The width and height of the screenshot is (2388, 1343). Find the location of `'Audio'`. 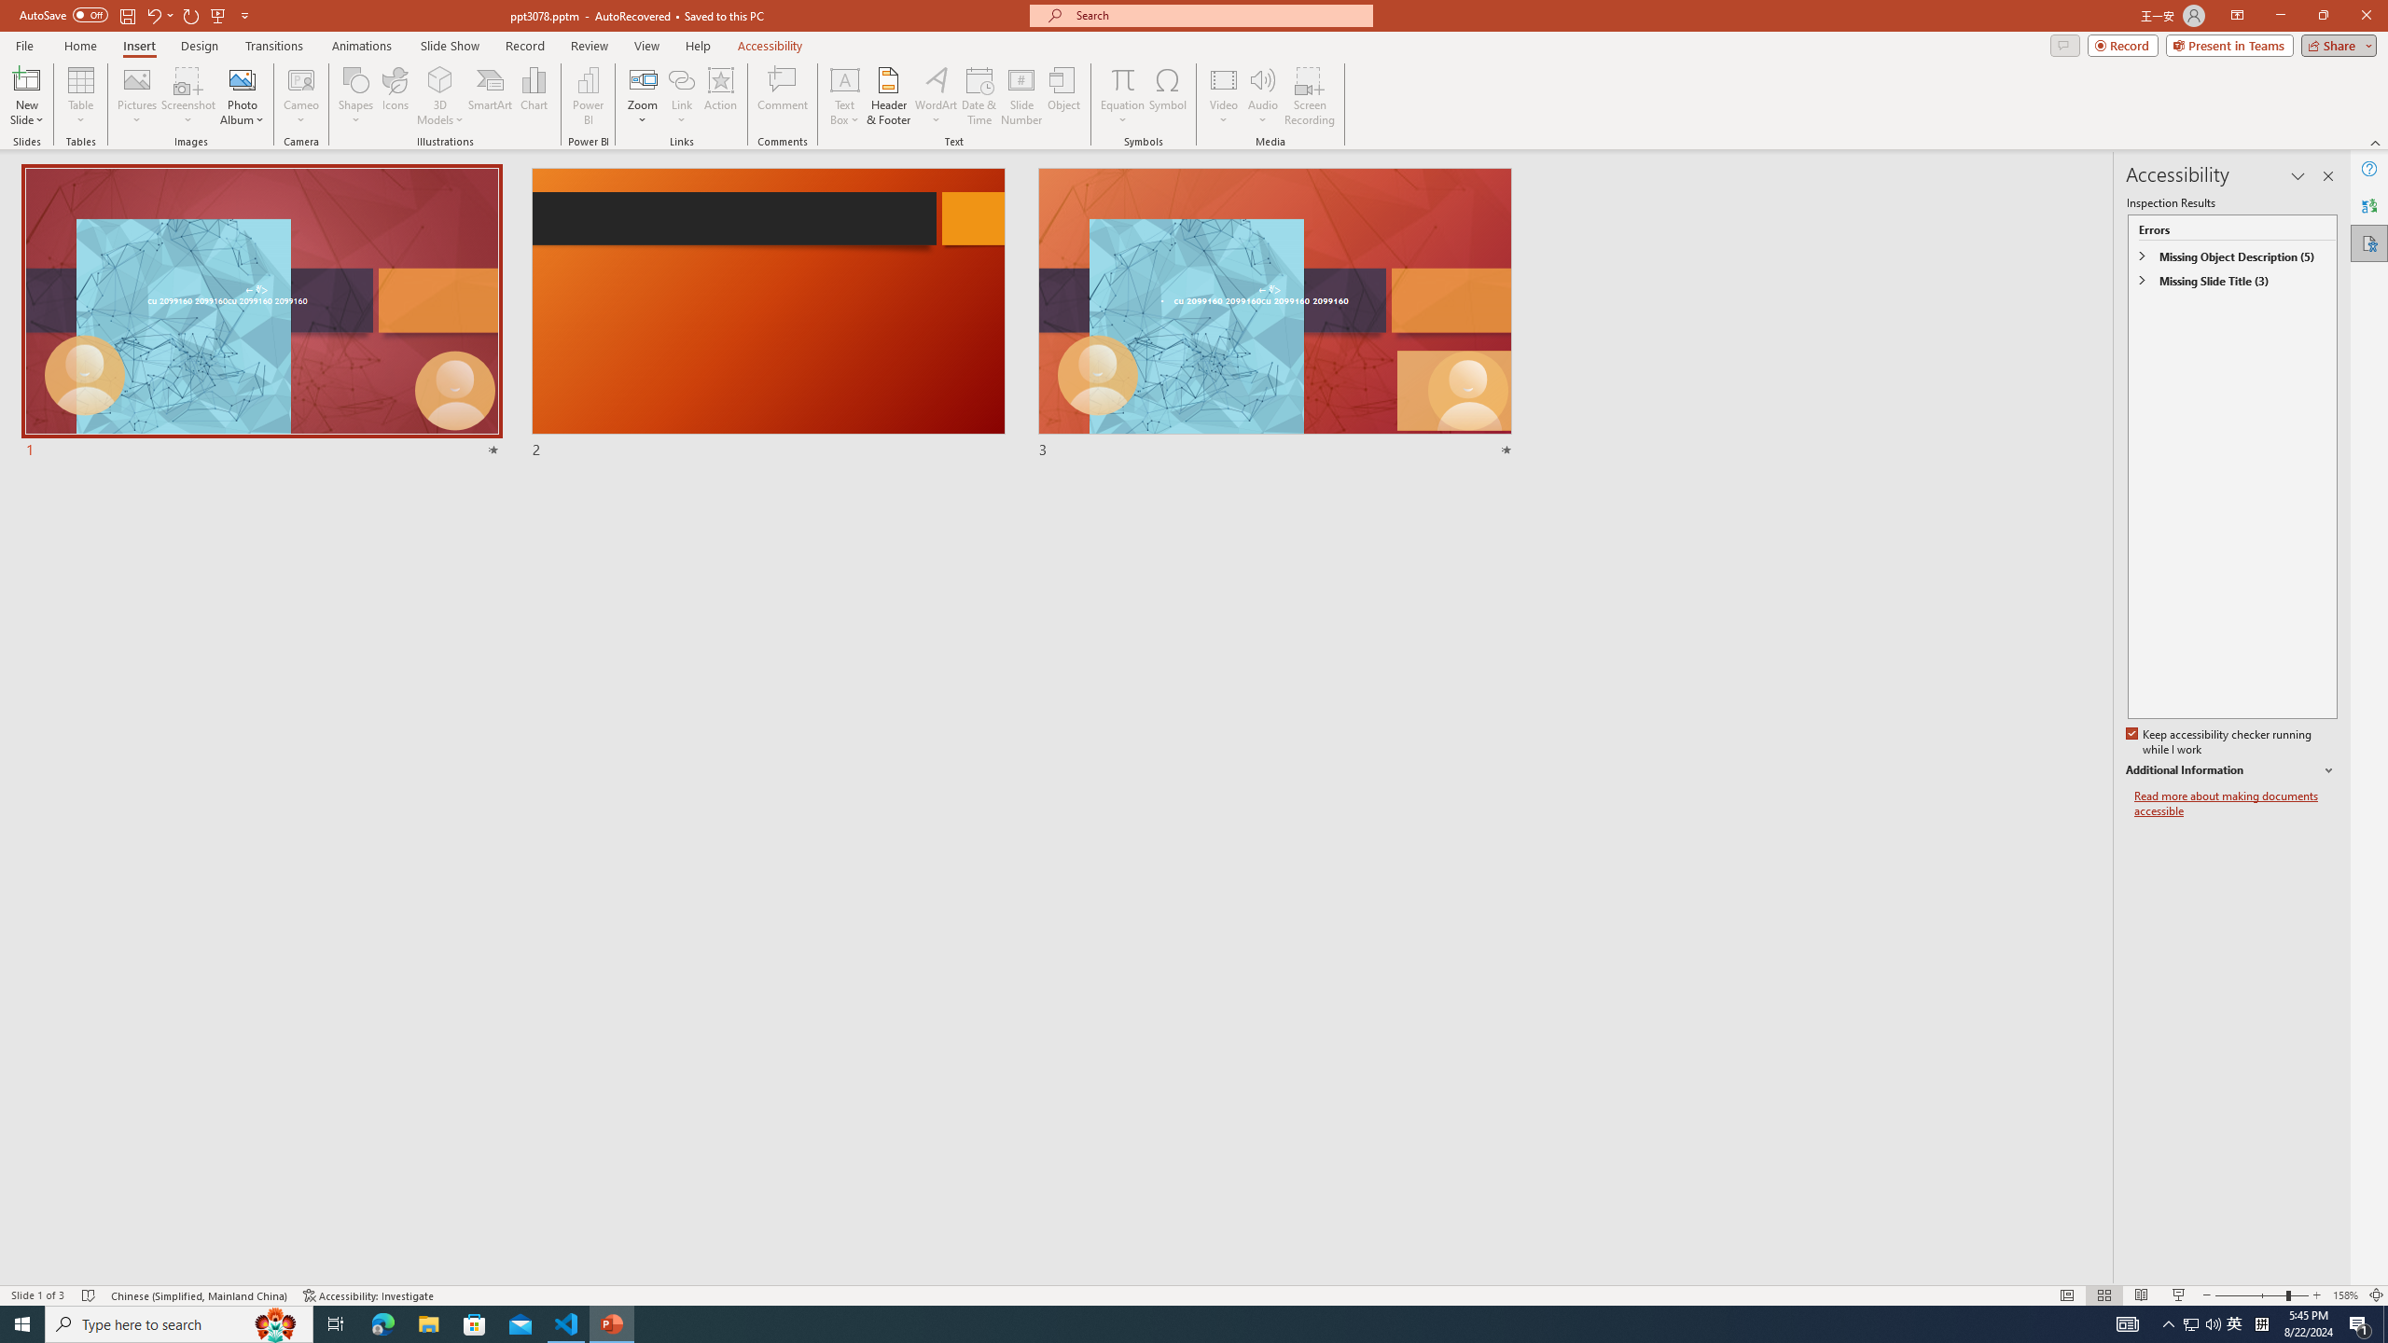

'Audio' is located at coordinates (1262, 96).